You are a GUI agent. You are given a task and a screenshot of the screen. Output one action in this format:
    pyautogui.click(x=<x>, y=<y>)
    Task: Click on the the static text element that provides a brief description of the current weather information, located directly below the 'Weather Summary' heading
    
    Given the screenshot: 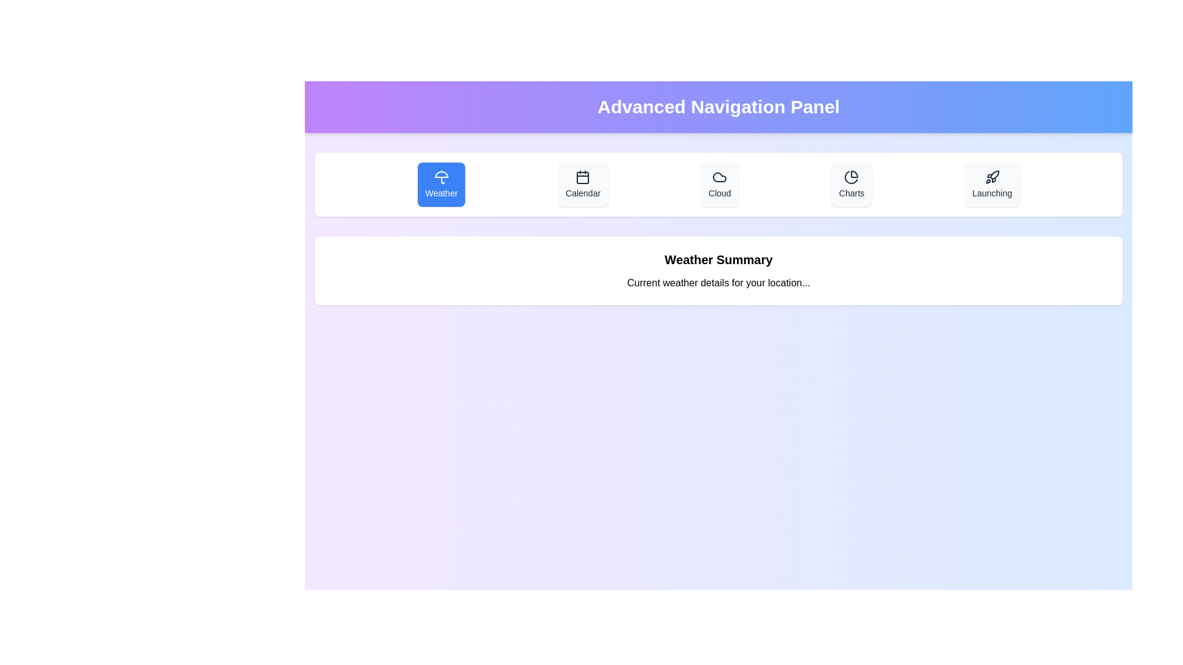 What is the action you would take?
    pyautogui.click(x=718, y=283)
    